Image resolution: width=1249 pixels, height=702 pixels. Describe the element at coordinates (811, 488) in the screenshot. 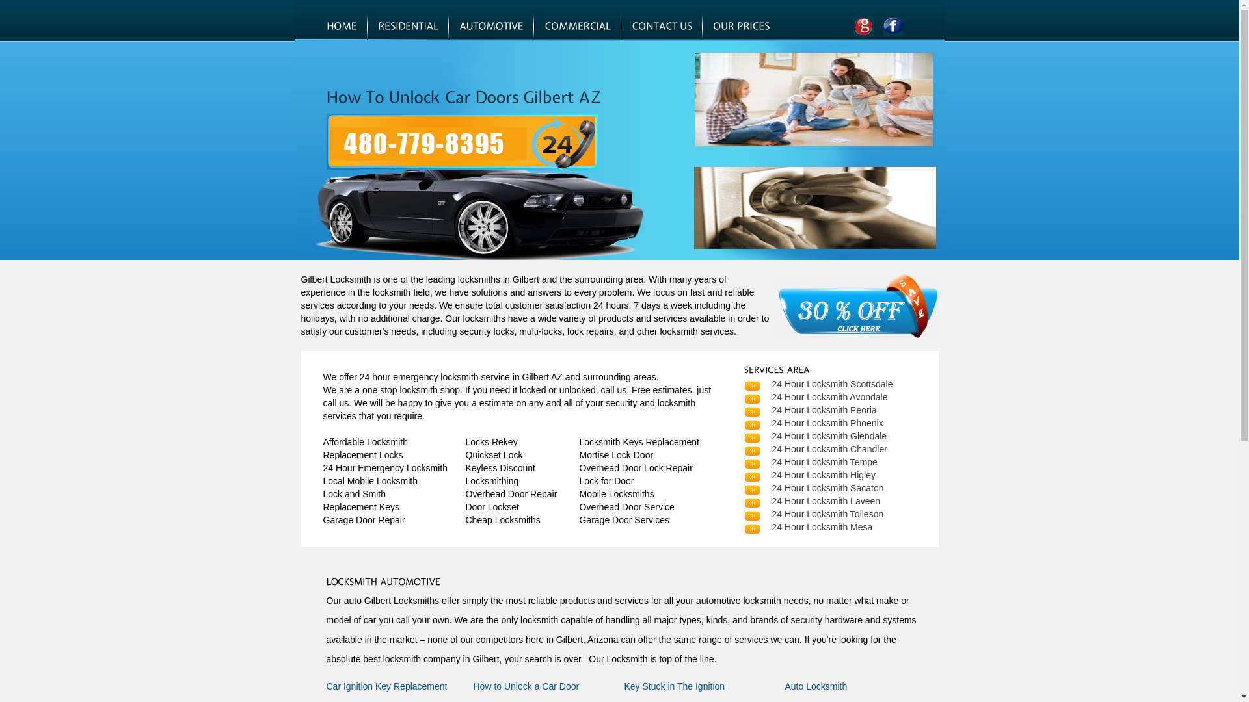

I see `'24 Hour Locksmith Sacaton'` at that location.